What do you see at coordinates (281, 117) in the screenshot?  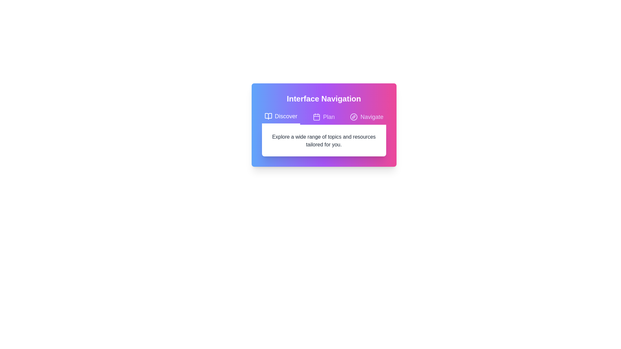 I see `the 'Discover' tab button, which is styled with white text and a bold font, located in the leftmost position of the segmented navigation bar` at bounding box center [281, 117].